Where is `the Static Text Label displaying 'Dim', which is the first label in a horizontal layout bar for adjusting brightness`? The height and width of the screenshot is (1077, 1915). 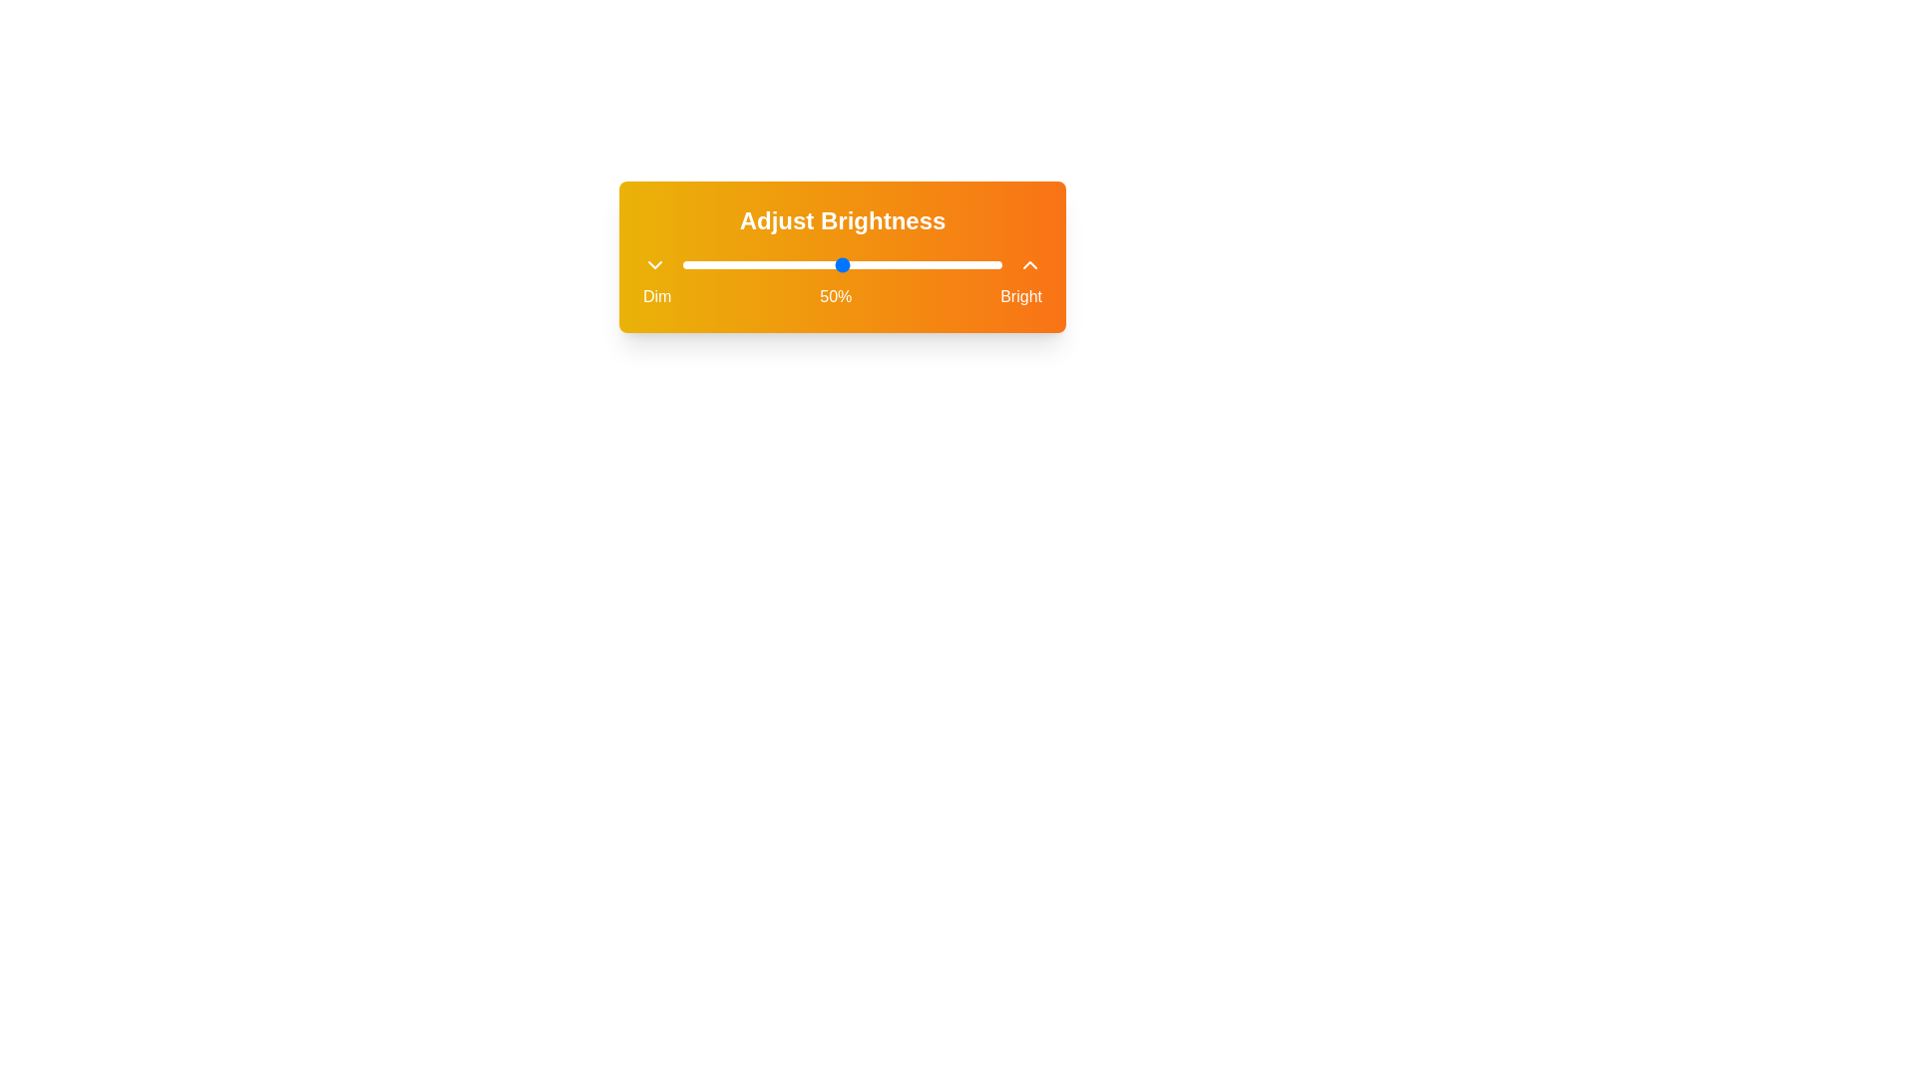 the Static Text Label displaying 'Dim', which is the first label in a horizontal layout bar for adjusting brightness is located at coordinates (657, 296).